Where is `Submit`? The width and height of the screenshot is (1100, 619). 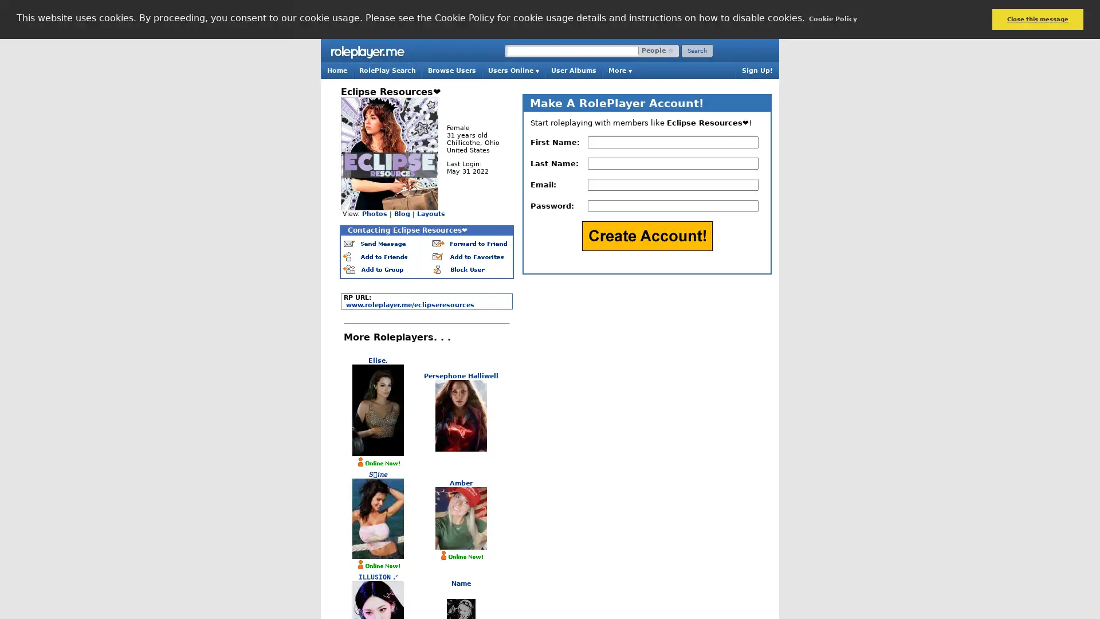 Submit is located at coordinates (646, 235).